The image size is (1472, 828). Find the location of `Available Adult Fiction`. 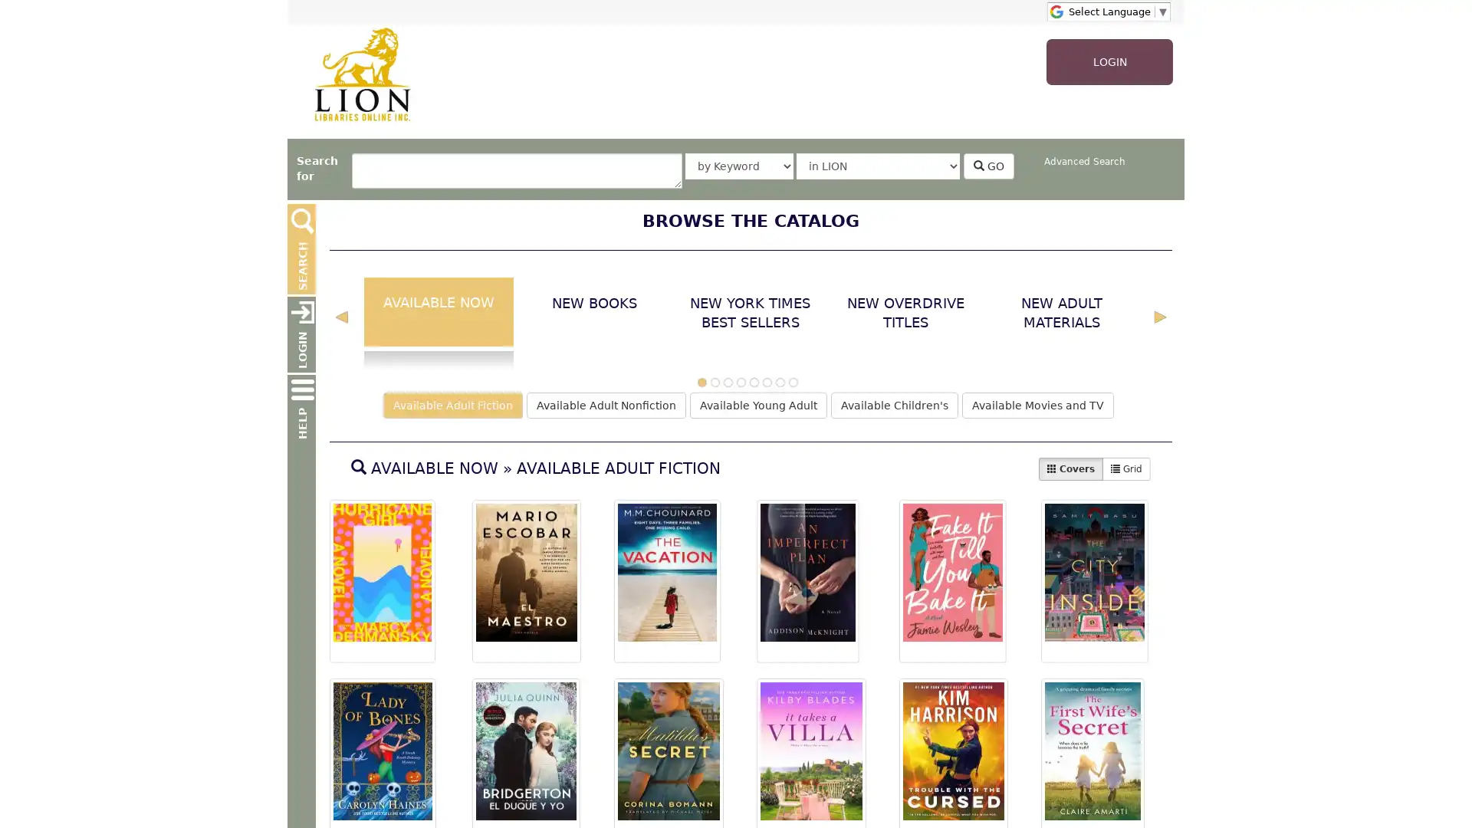

Available Adult Fiction is located at coordinates (452, 404).